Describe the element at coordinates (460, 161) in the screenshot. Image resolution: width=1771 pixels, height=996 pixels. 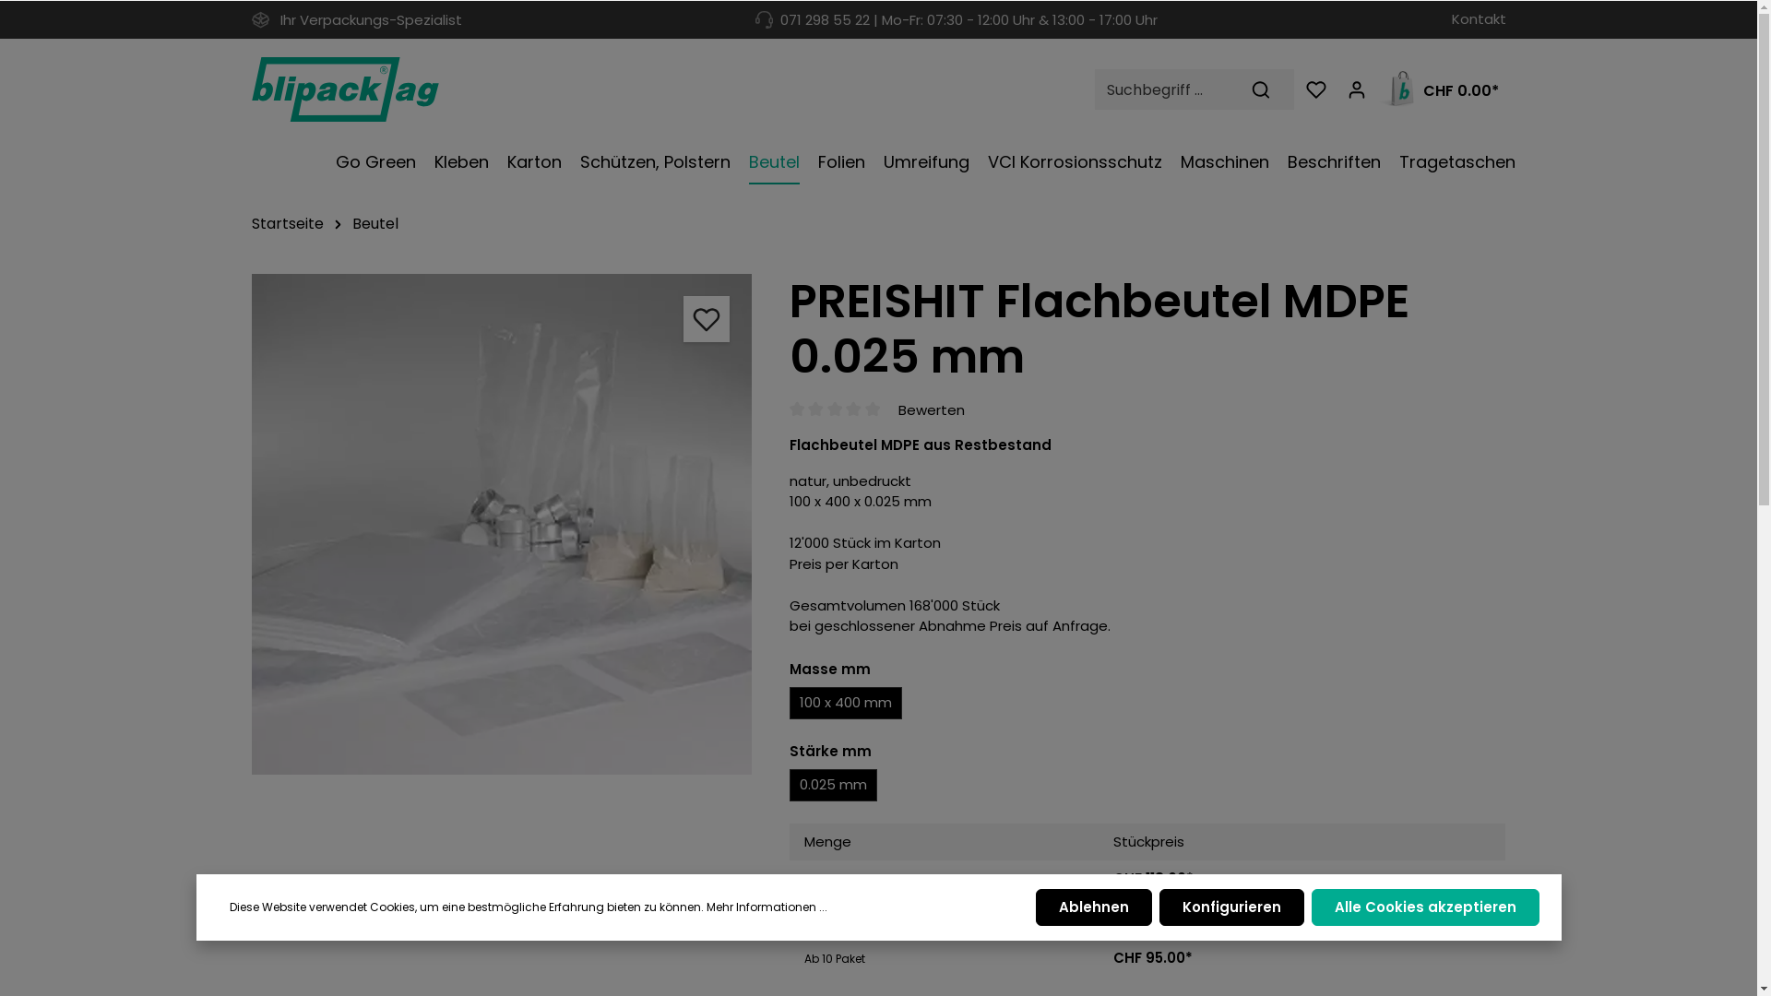
I see `'Kleben'` at that location.